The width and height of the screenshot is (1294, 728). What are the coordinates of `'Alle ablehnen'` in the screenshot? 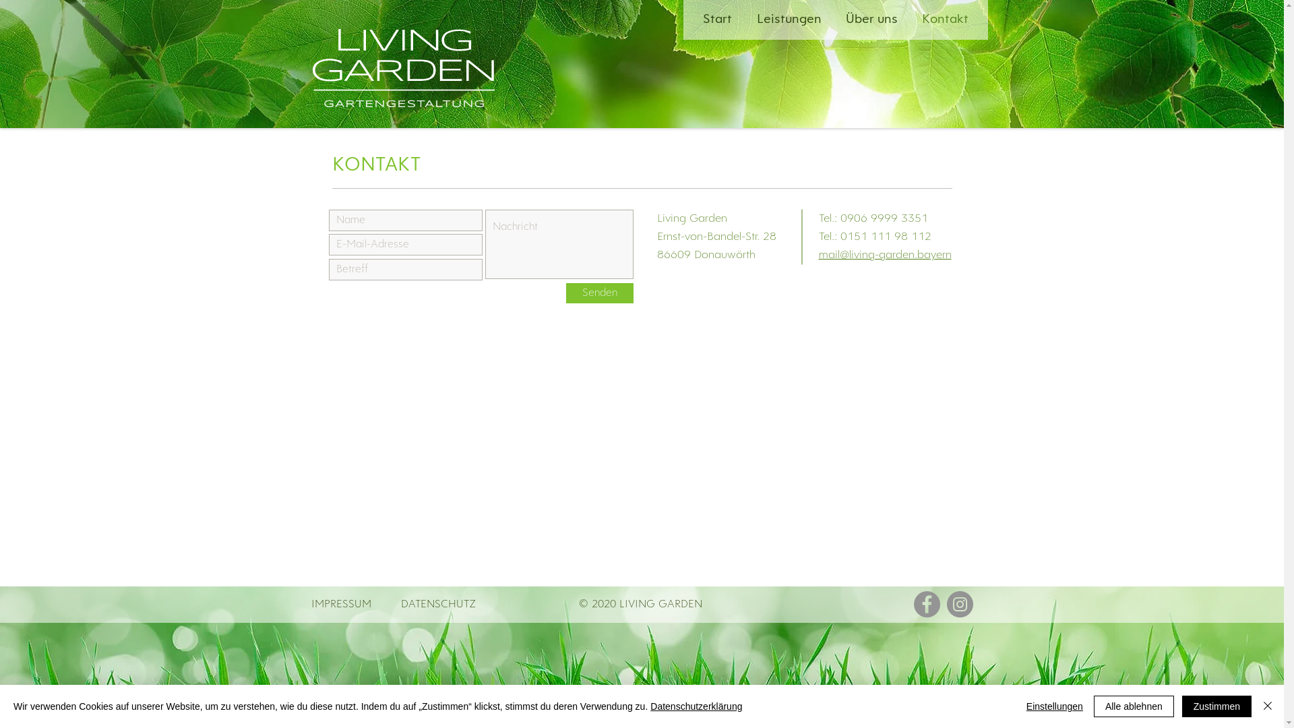 It's located at (1133, 706).